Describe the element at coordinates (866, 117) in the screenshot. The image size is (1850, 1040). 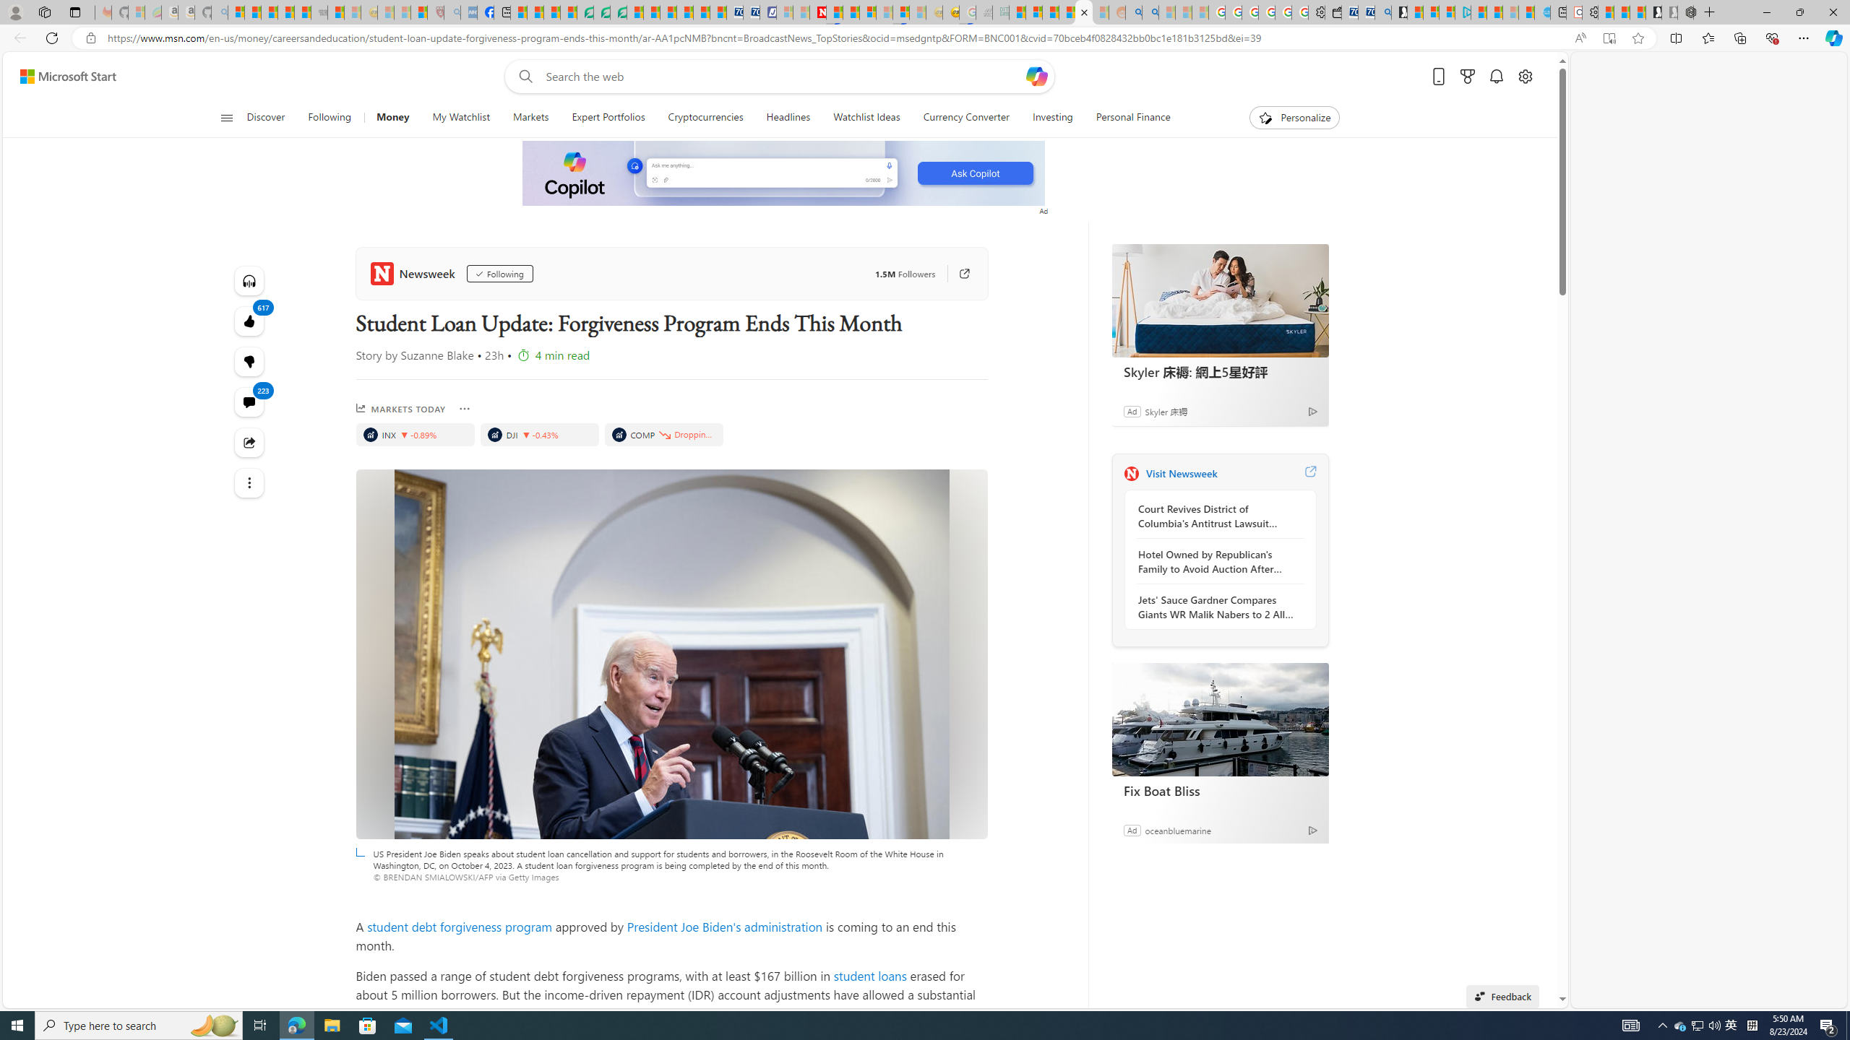
I see `'Watchlist Ideas'` at that location.